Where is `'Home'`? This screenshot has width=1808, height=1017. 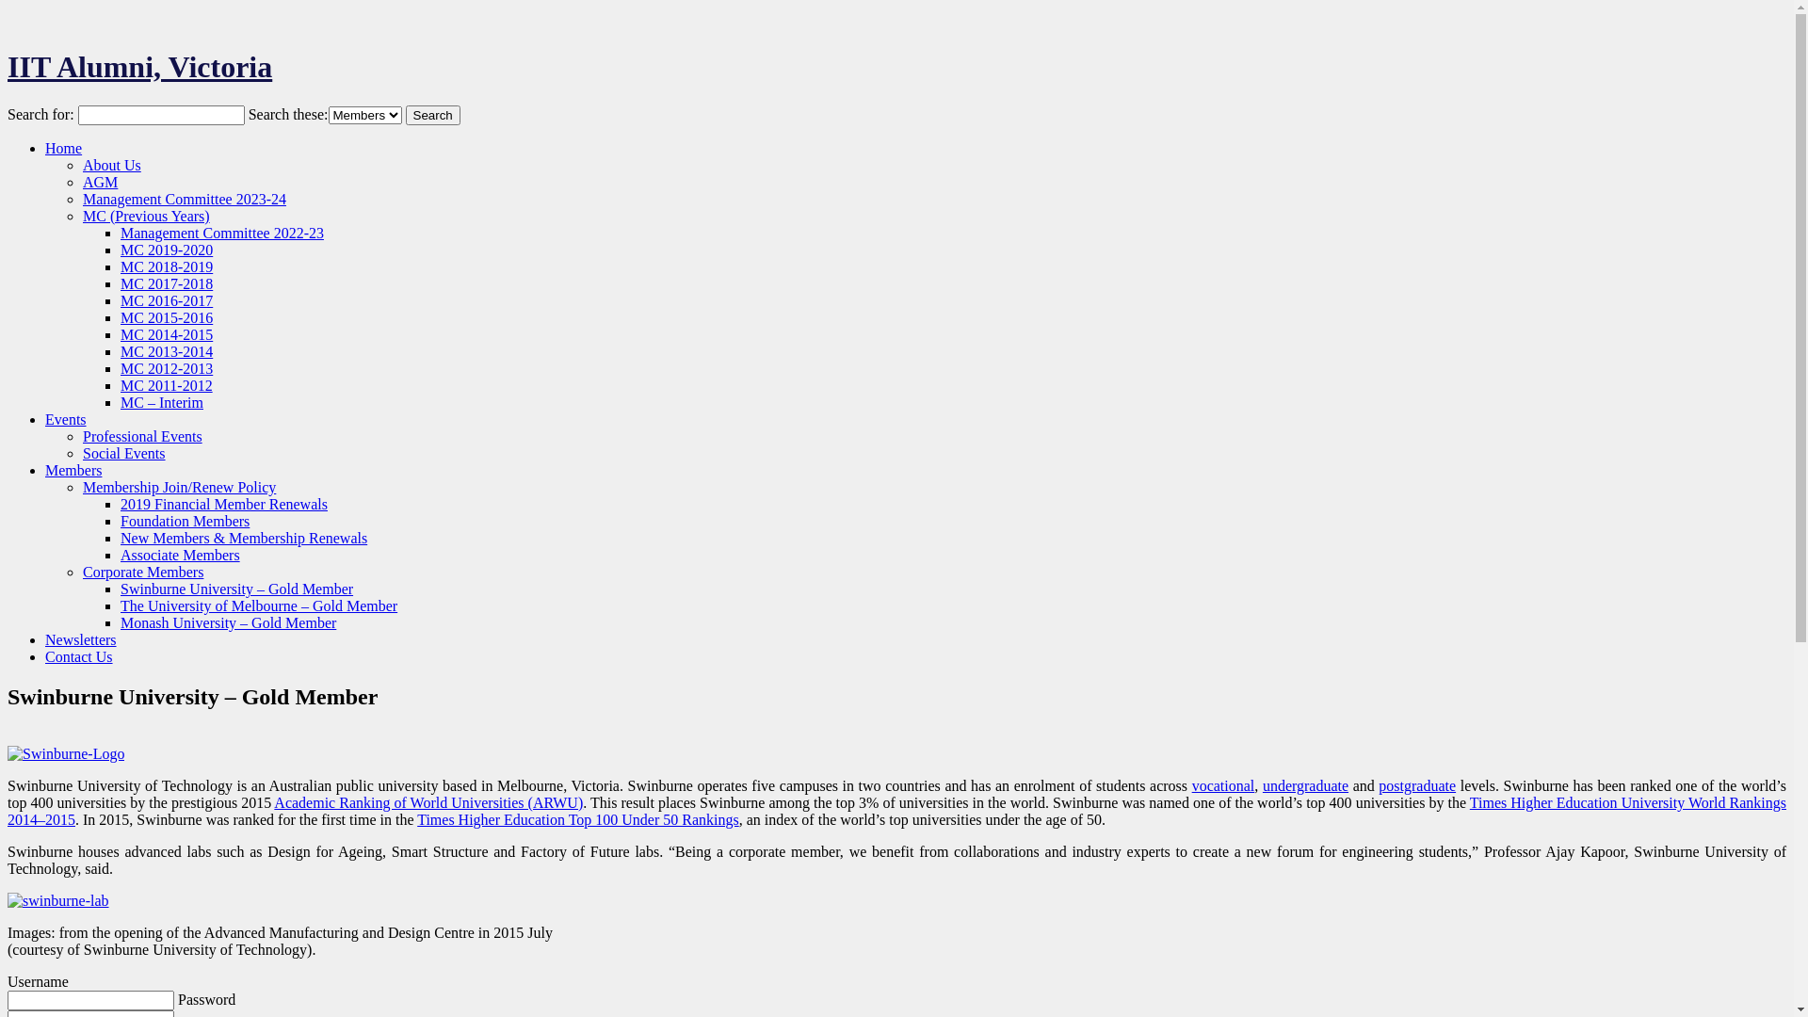
'Home' is located at coordinates (63, 147).